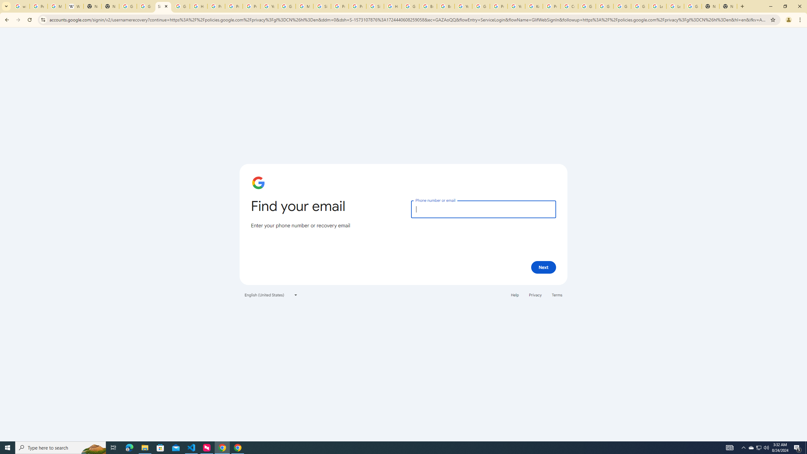 This screenshot has width=807, height=454. I want to click on 'Google Account', so click(693, 6).